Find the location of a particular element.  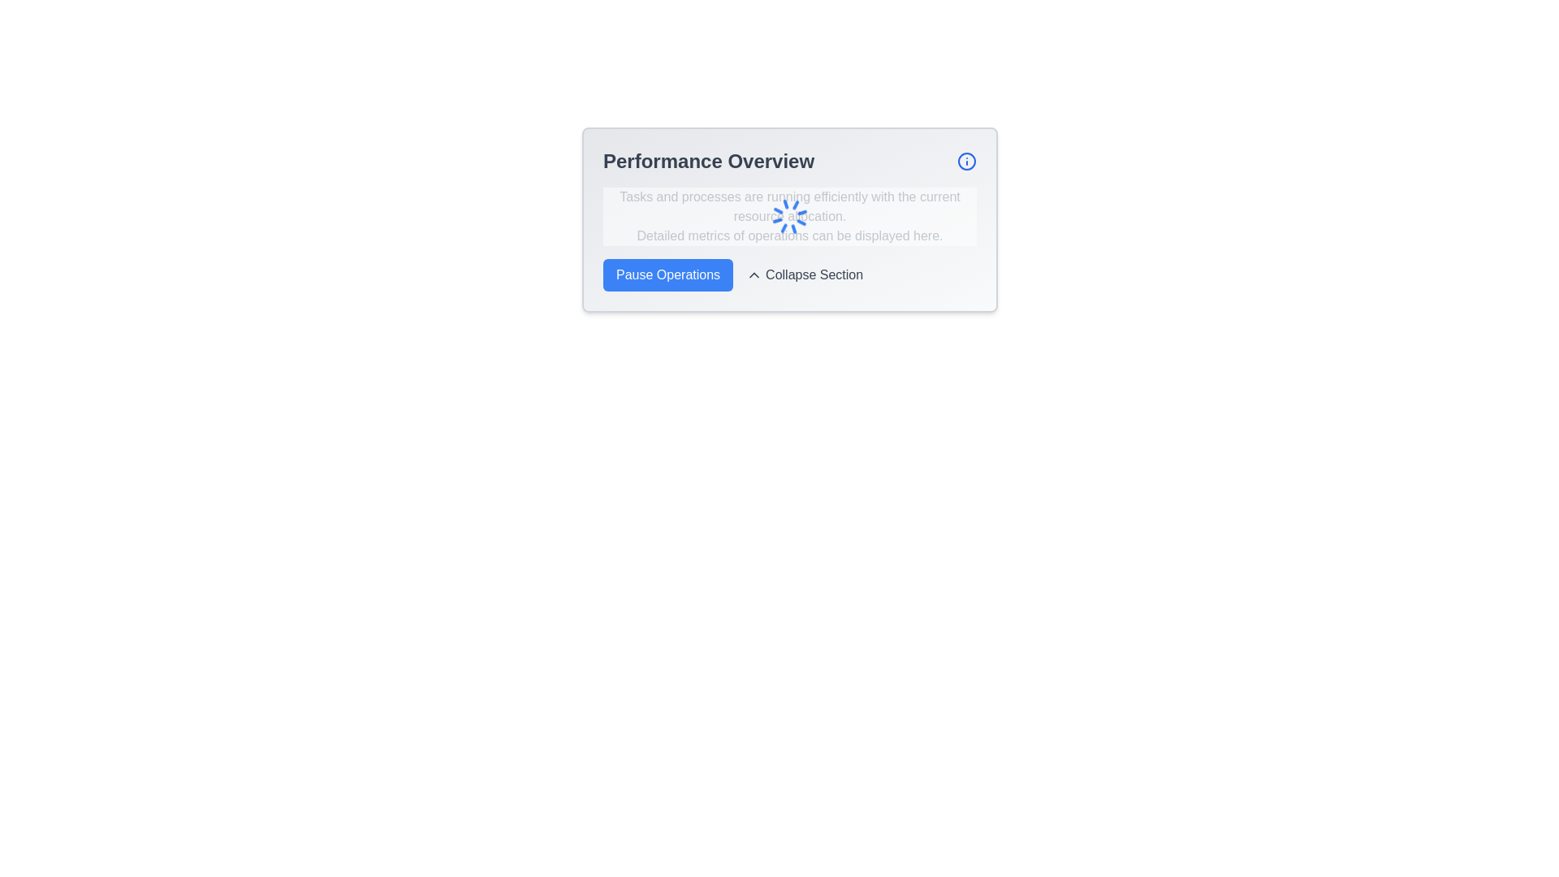

the collapse/minimize button located immediately to the right of the blue 'Pause Operations' button is located at coordinates (805, 274).